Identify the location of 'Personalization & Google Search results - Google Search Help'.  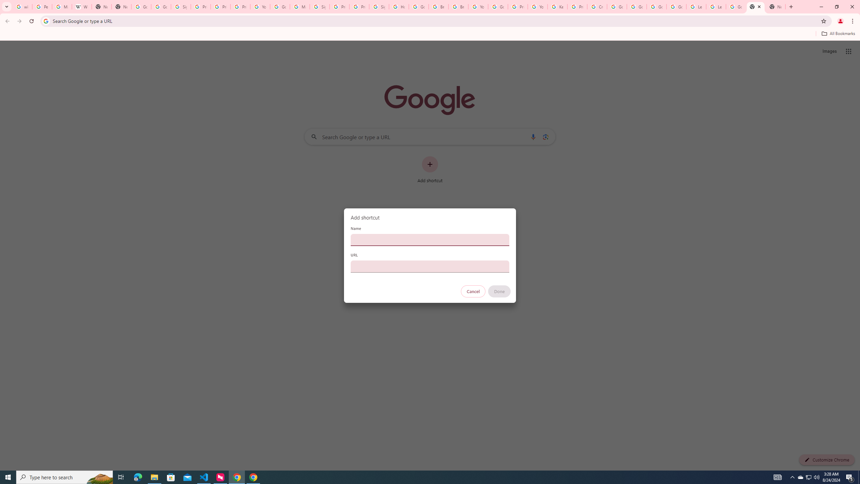
(42, 6).